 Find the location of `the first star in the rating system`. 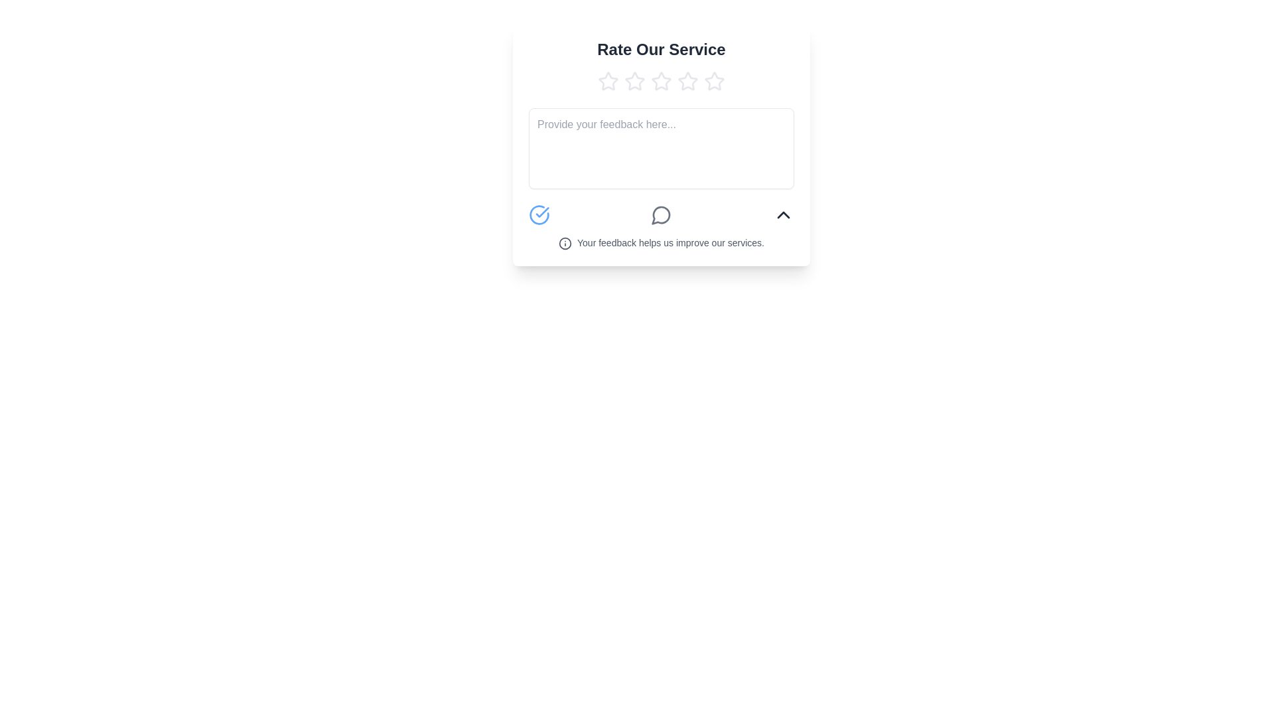

the first star in the rating system is located at coordinates (607, 81).